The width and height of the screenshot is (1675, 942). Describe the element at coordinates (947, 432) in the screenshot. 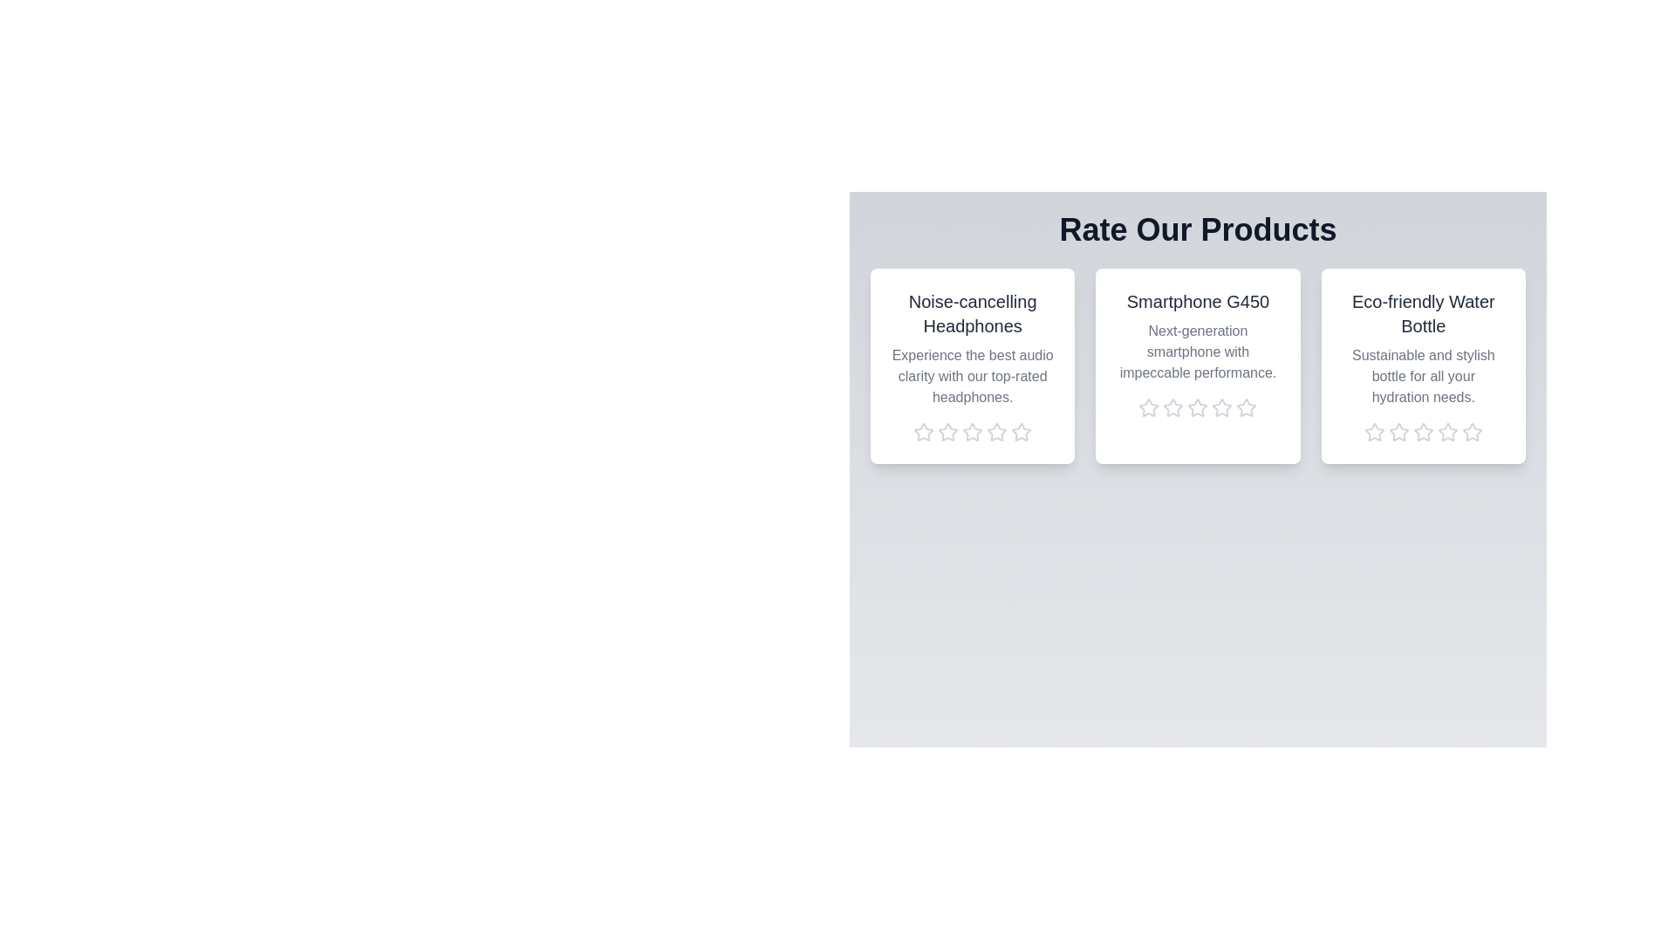

I see `the rating of the product 'Noise-cancelling Headphones' to 2 stars` at that location.